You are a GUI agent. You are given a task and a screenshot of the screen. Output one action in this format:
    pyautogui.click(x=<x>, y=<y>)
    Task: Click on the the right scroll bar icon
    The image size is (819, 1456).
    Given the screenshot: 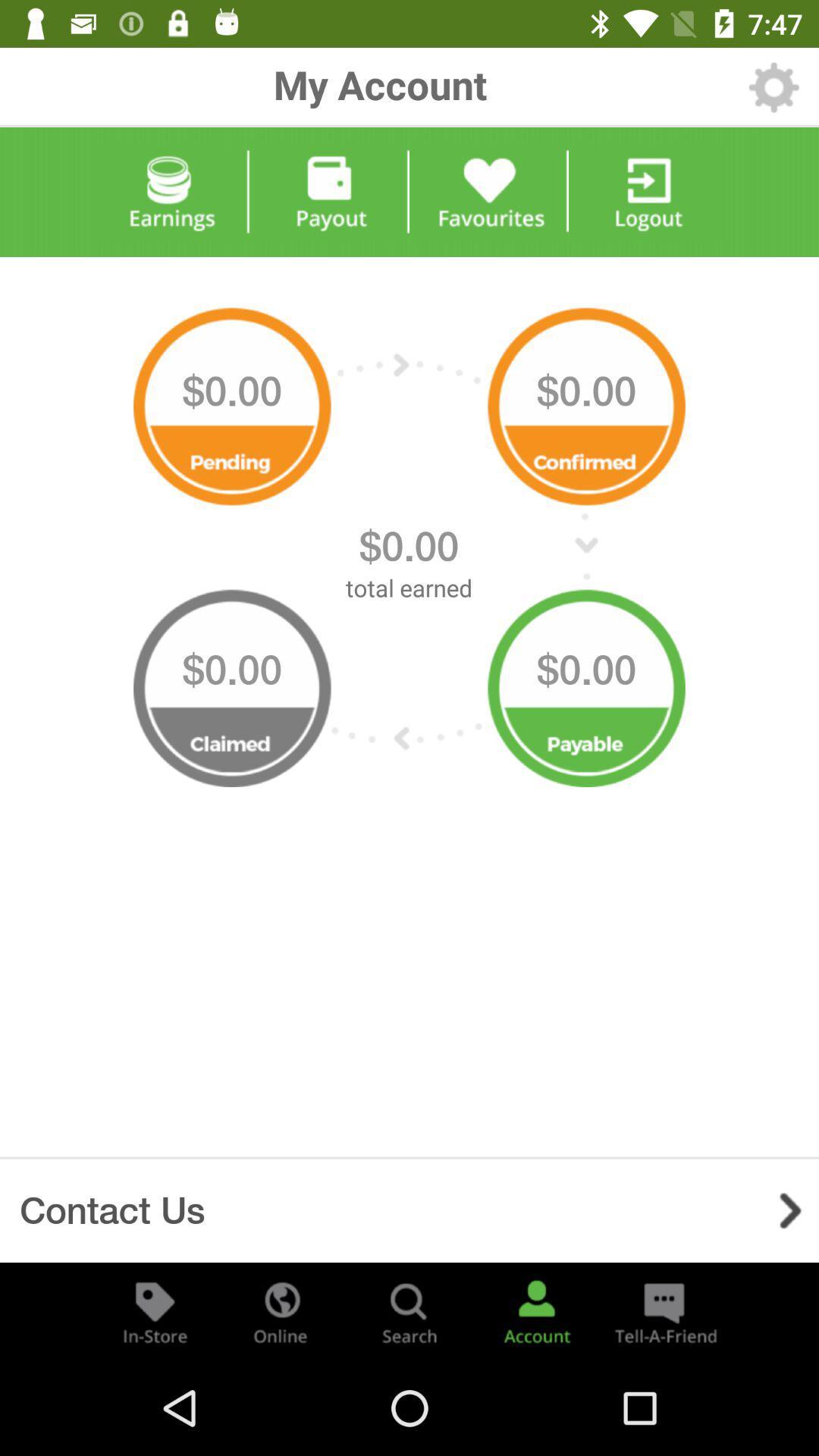 What is the action you would take?
    pyautogui.click(x=789, y=1210)
    